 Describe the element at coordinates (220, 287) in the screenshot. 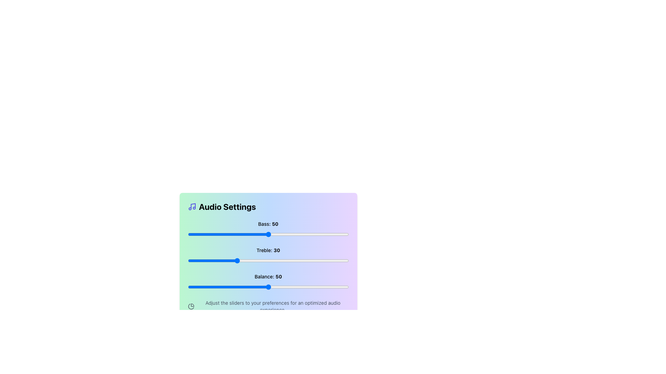

I see `balance` at that location.